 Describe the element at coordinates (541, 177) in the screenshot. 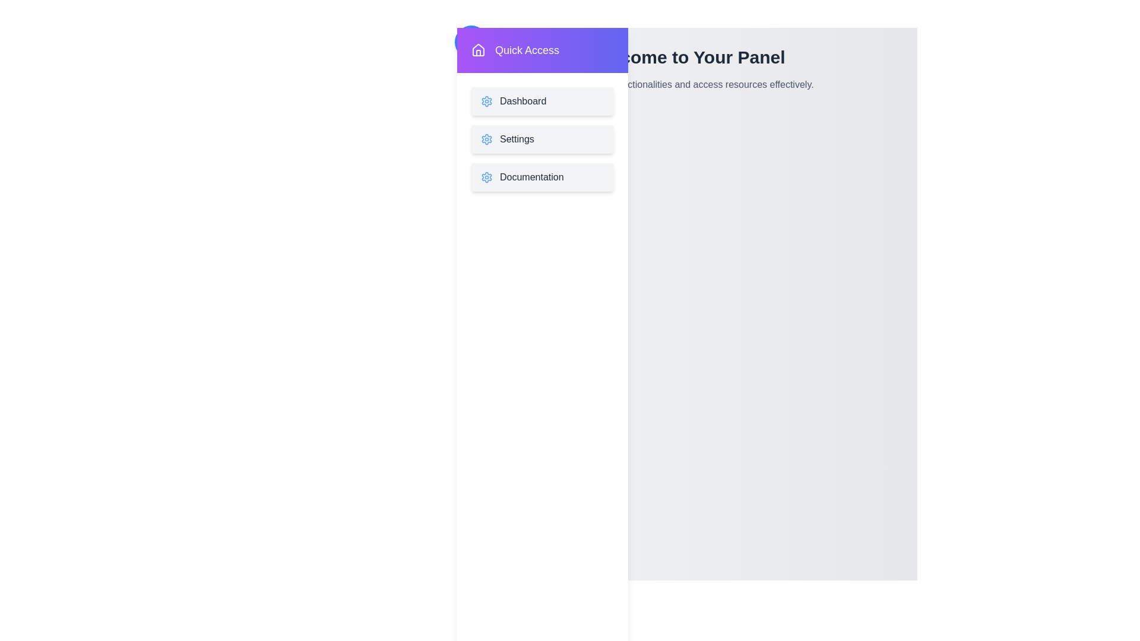

I see `the 'Documentation' menu item in the drawer` at that location.